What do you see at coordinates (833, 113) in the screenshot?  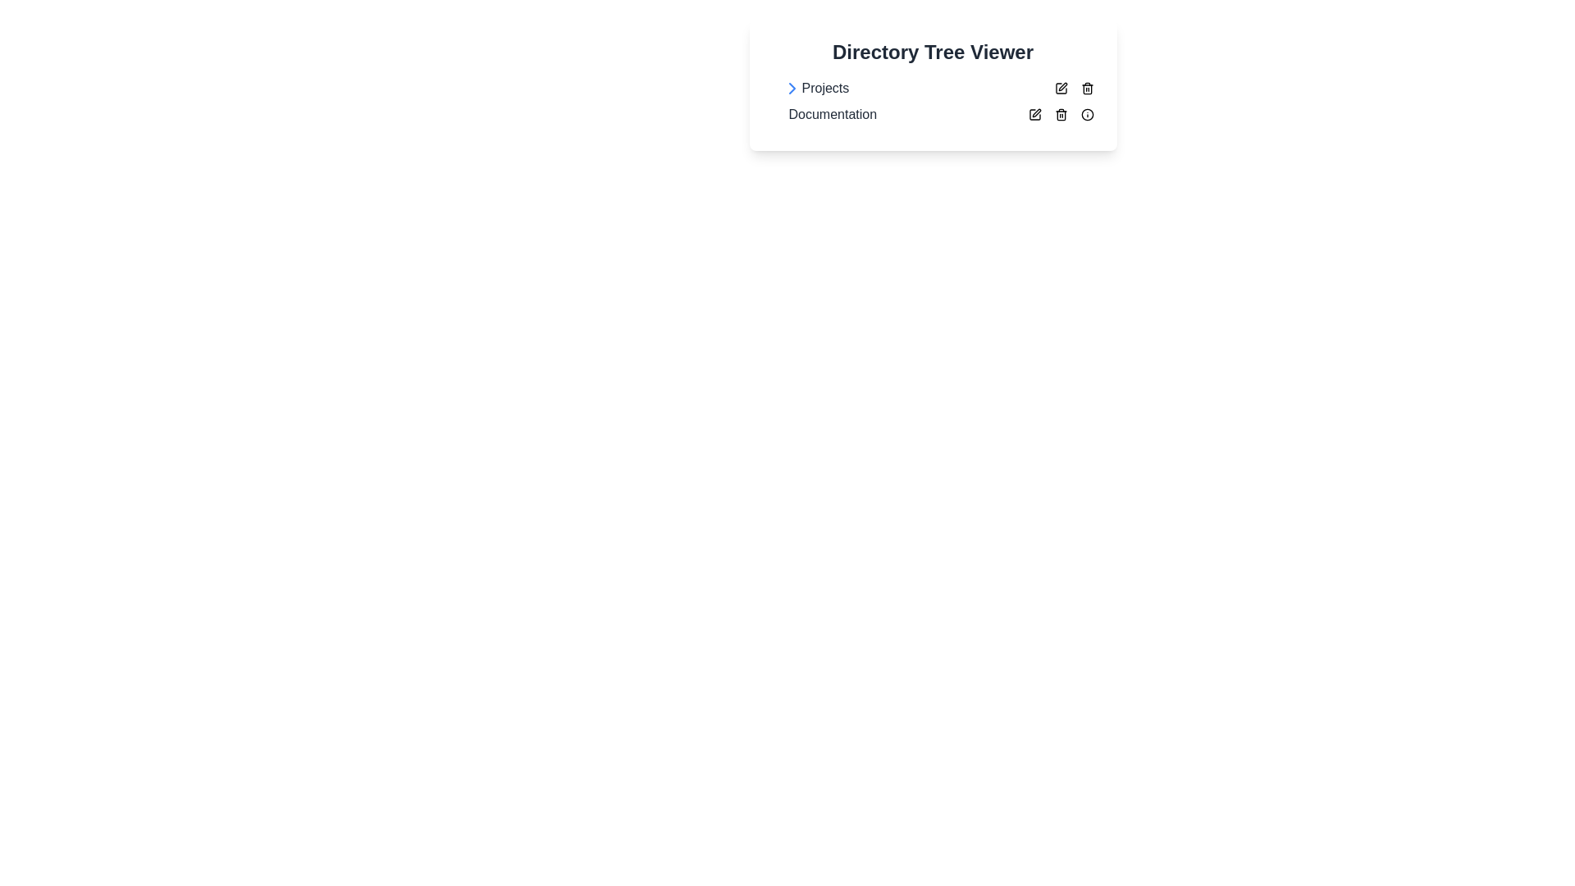 I see `the Text Label or Link located below the 'Projects' text, which serves as a label or link to a documentation page` at bounding box center [833, 113].